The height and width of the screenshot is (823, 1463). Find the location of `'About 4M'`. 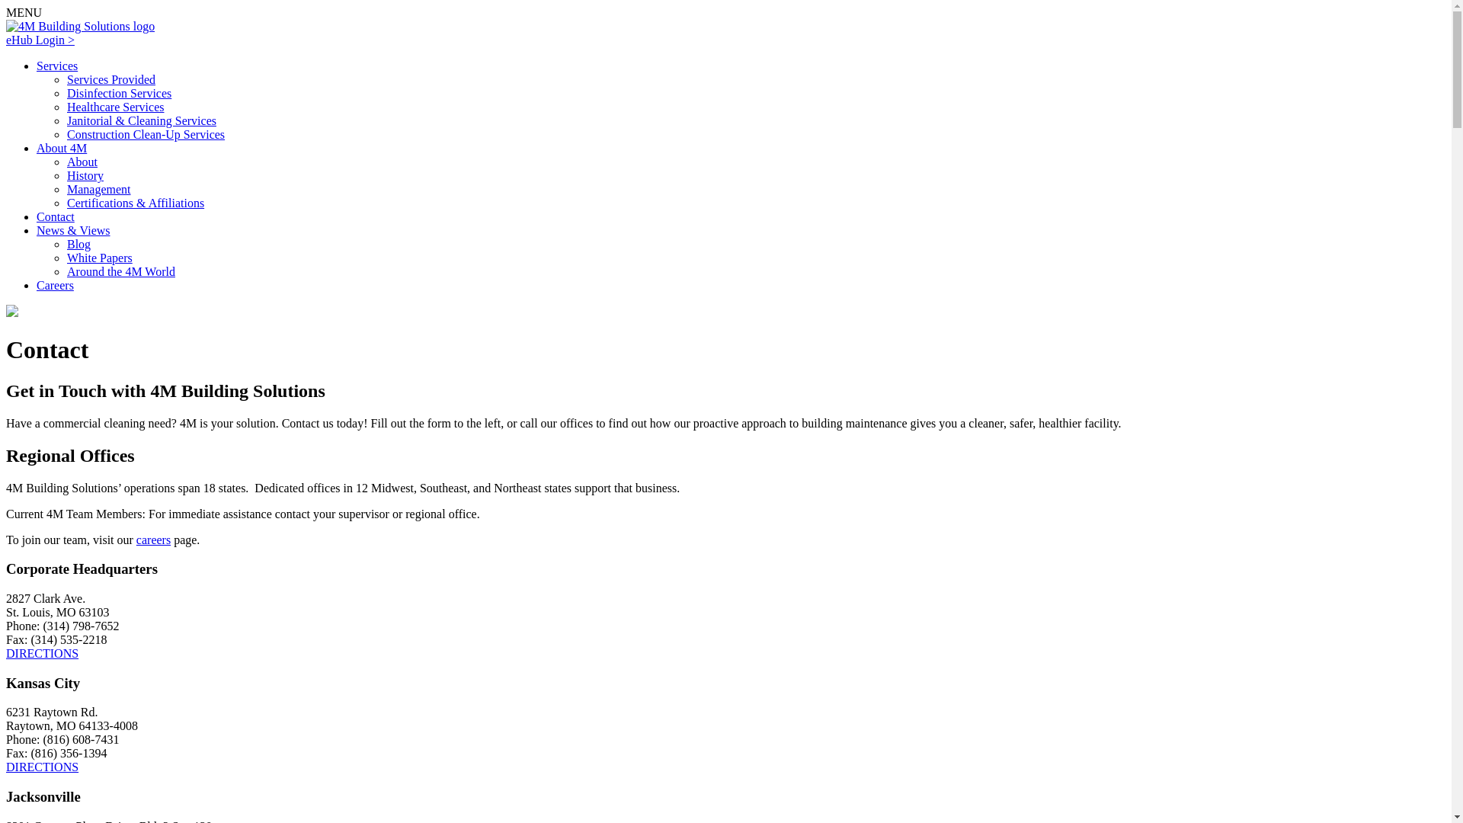

'About 4M' is located at coordinates (37, 148).